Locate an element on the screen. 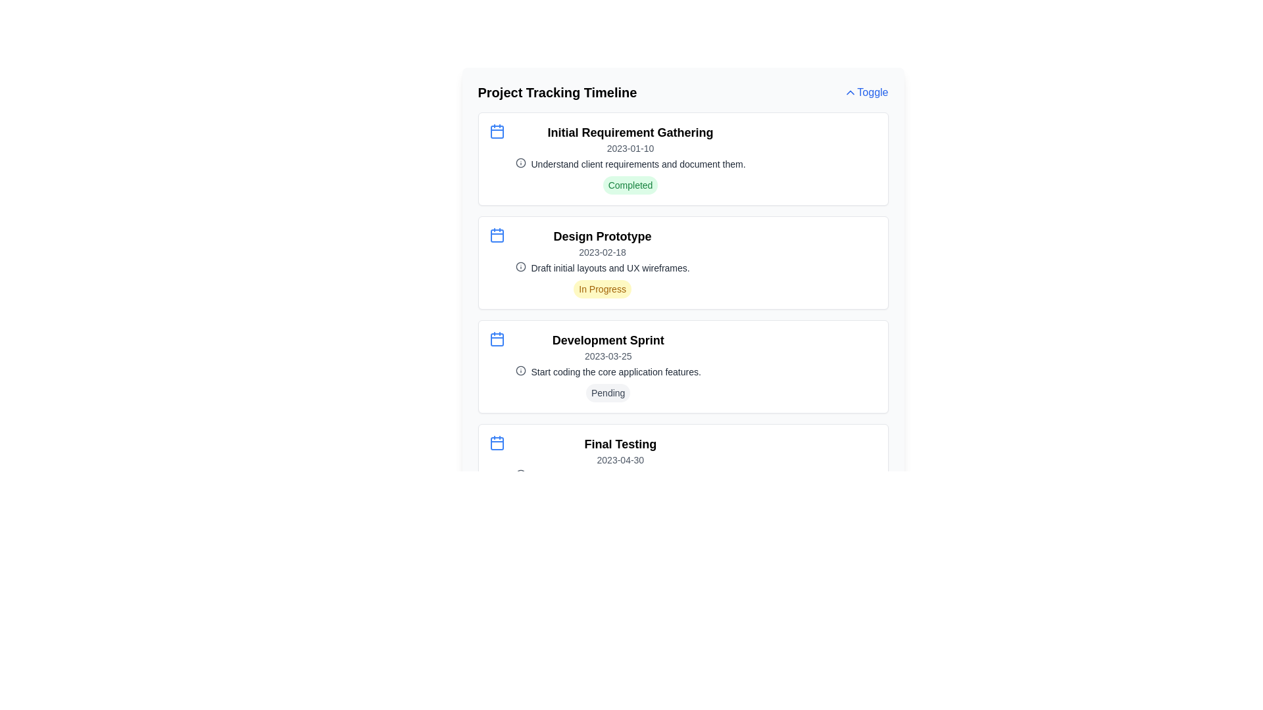  the information icon (circle with border) located to the left of the text 'Initial Requirement Gathering' in the first row of the timeline for visual context is located at coordinates (520, 266).